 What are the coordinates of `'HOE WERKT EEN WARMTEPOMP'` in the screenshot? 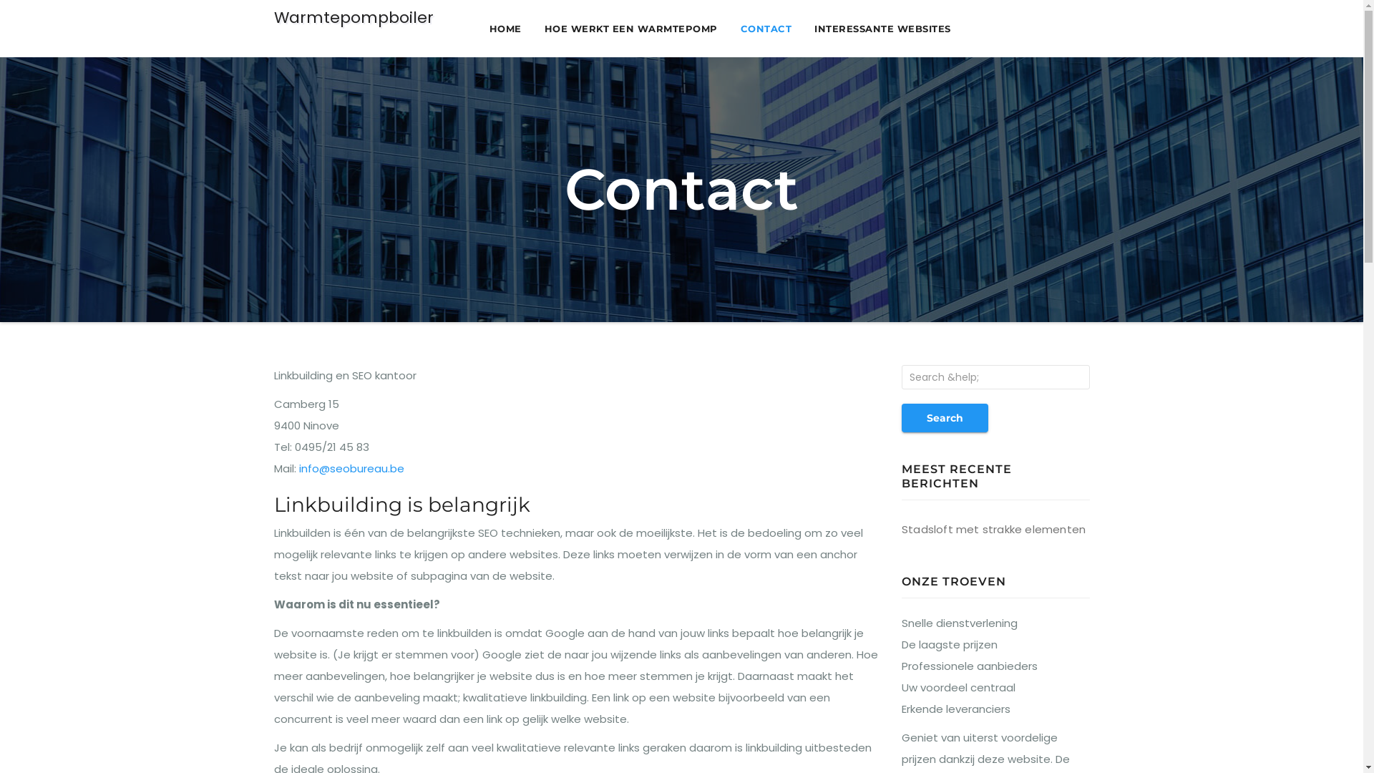 It's located at (630, 28).